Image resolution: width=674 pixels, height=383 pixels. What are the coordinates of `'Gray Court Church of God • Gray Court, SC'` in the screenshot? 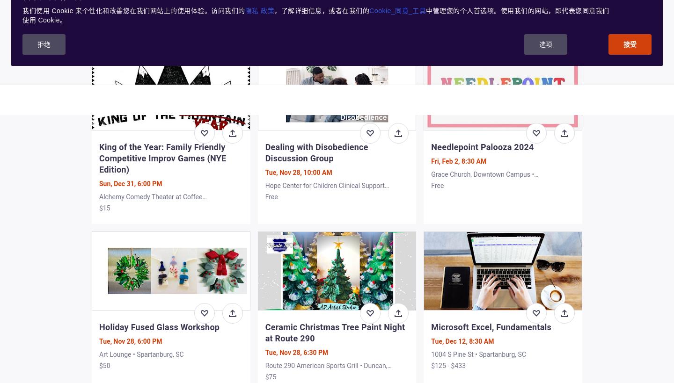 It's located at (492, 15).